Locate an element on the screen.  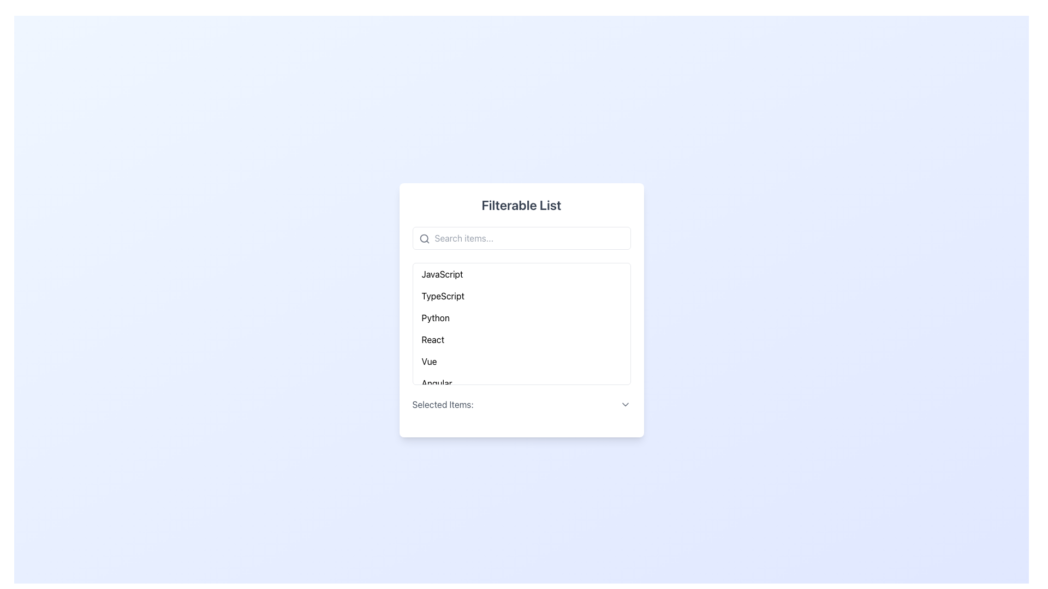
the fifth selectable item in the dropdown list, which represents 'Vue', located centrally between 'React' and 'Angular' is located at coordinates (521, 362).